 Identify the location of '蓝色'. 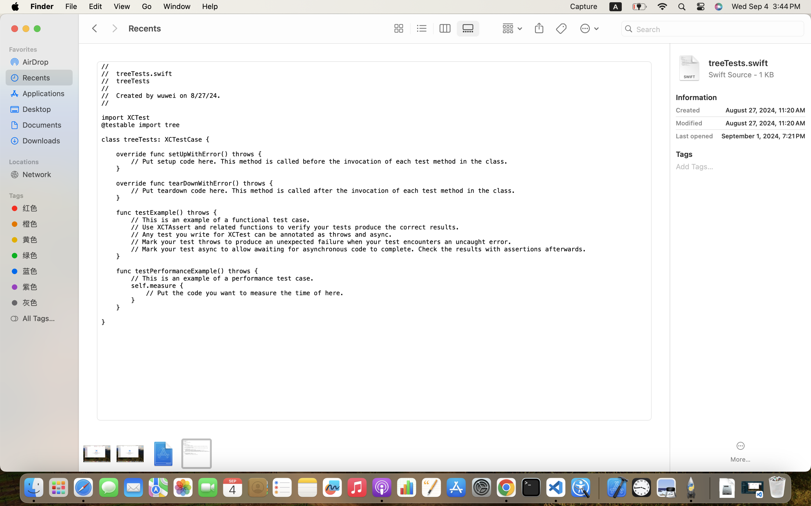
(45, 271).